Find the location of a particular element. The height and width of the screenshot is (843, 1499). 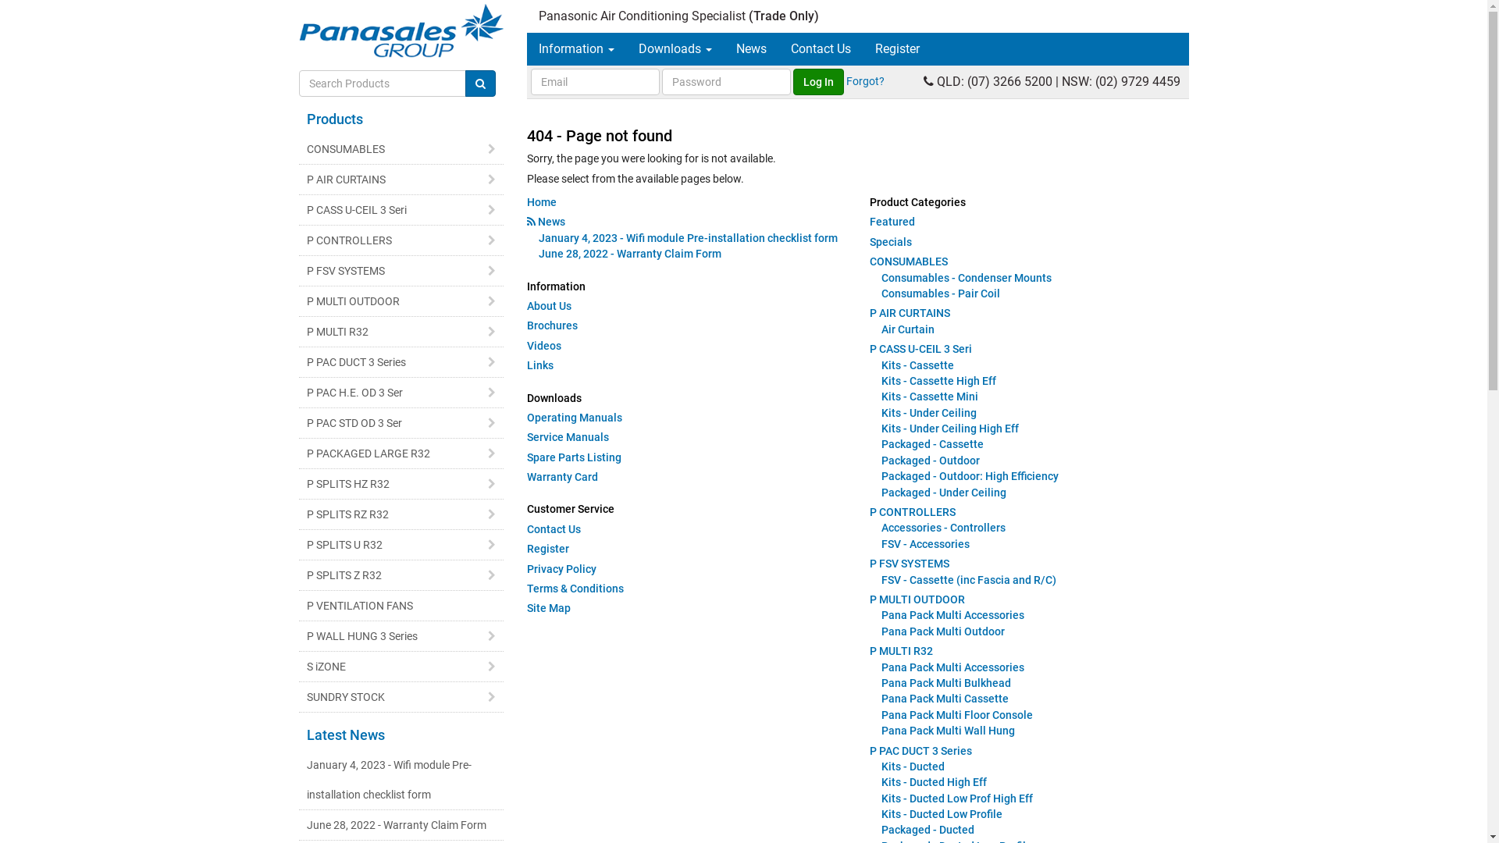

'Operating Manuals' is located at coordinates (573, 417).